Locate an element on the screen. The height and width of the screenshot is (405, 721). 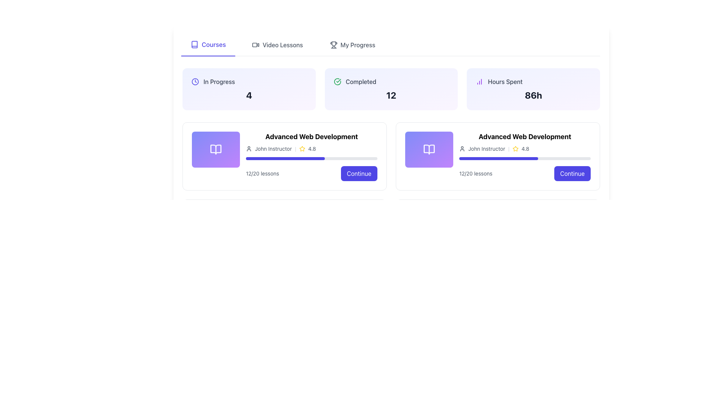
the video-related SVG icon located to the left of the 'Video Lessons' text is located at coordinates (256, 45).